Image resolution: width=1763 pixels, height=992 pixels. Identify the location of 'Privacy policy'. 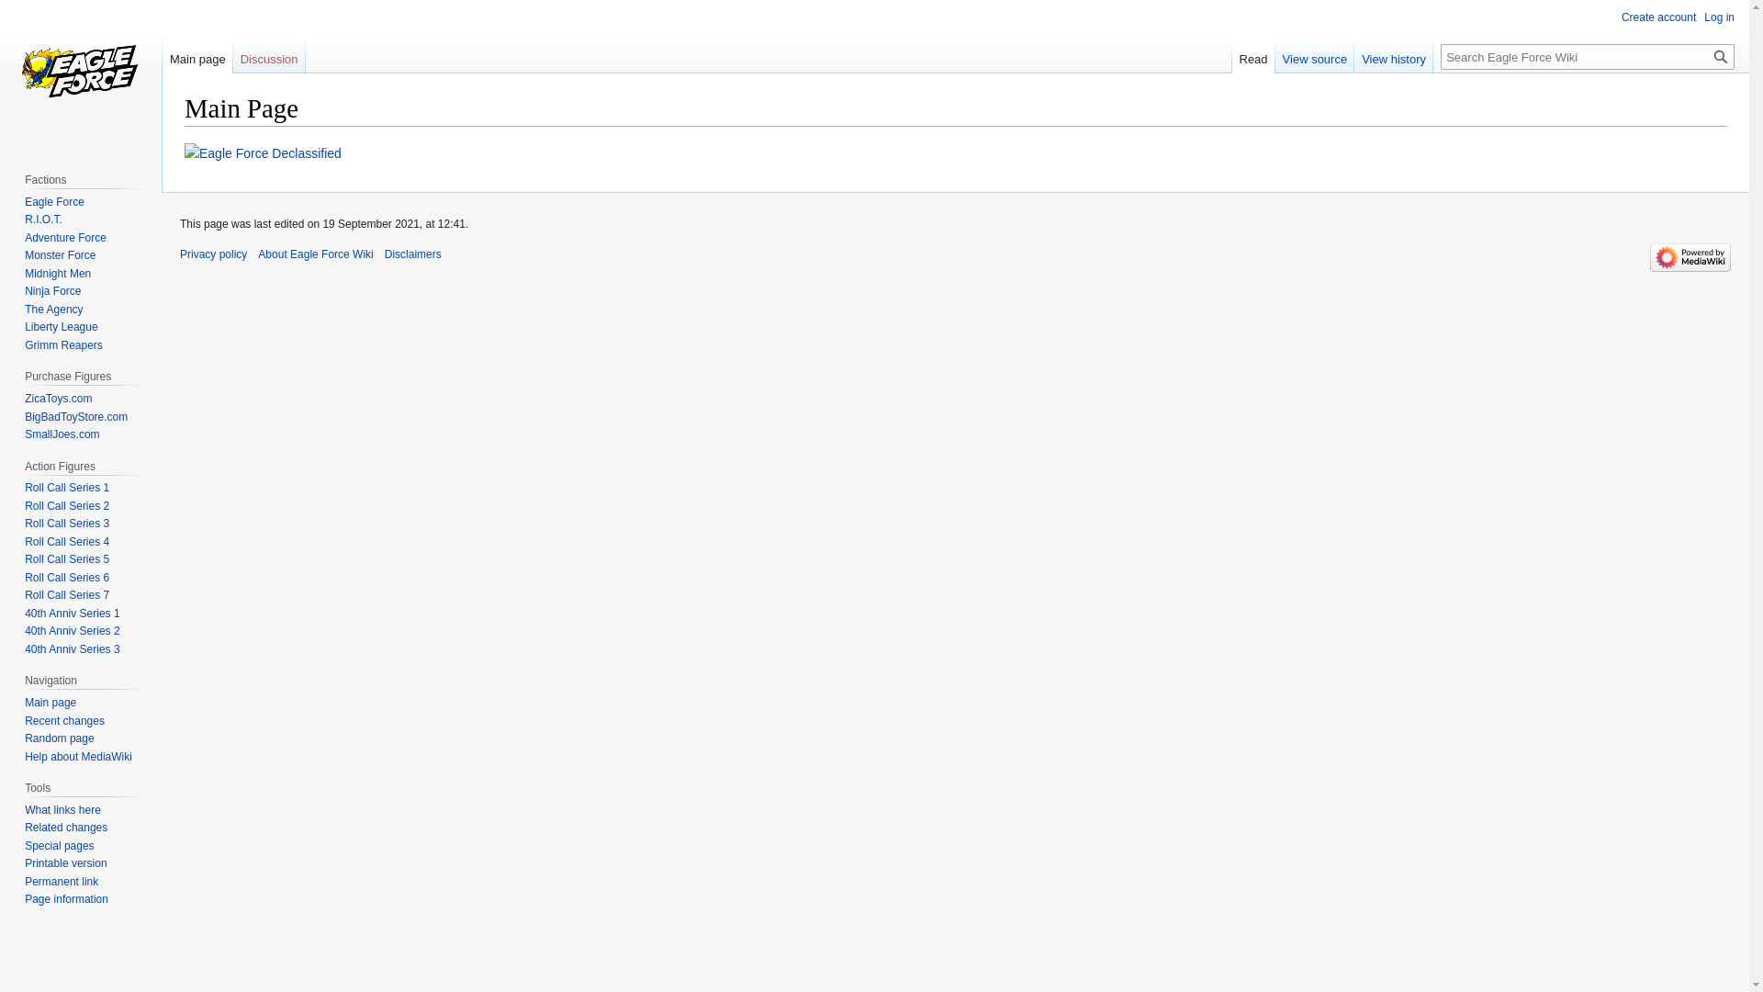
(180, 254).